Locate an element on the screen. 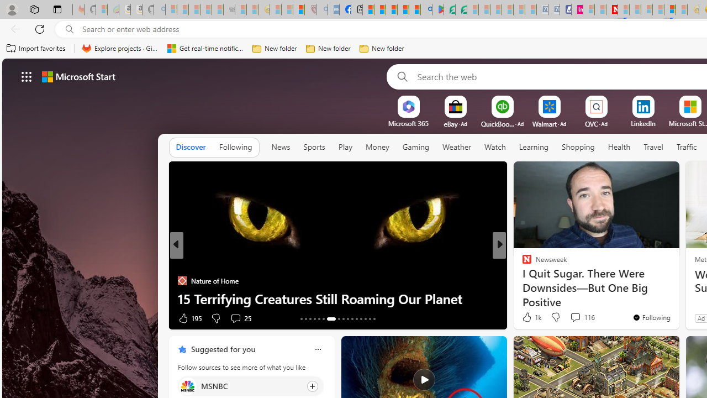 This screenshot has width=707, height=398. 'View comments 84 Comment' is located at coordinates (580, 318).